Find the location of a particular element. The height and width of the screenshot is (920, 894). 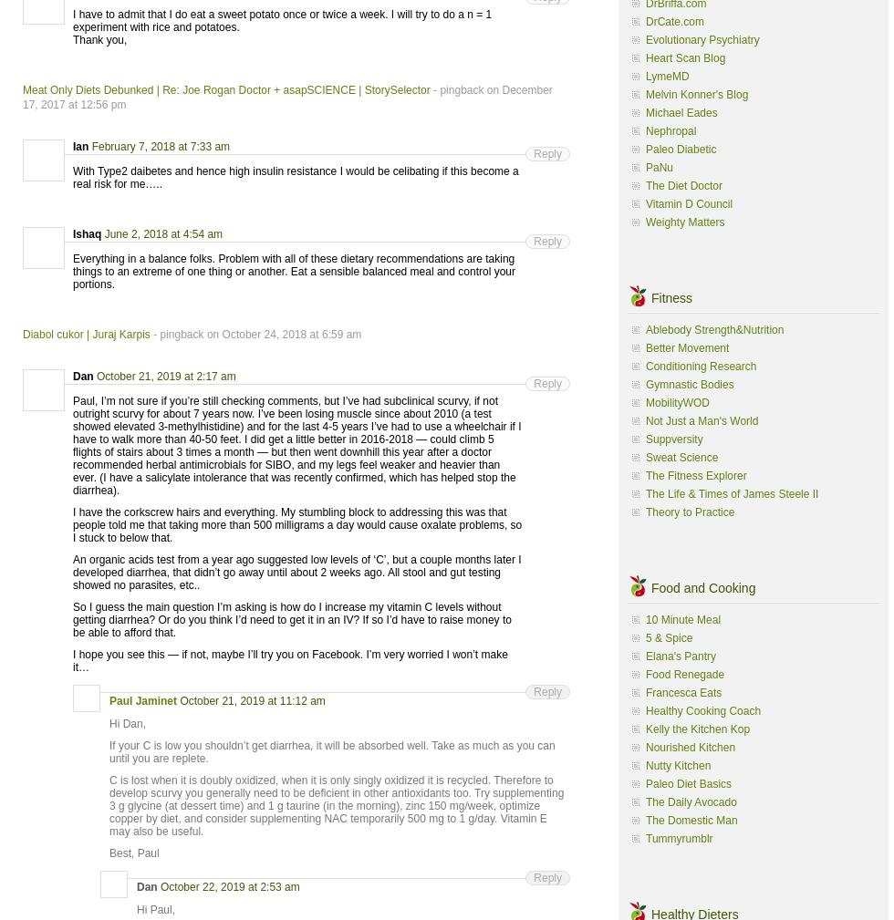

'Evolutionary Psychiatry' is located at coordinates (702, 37).